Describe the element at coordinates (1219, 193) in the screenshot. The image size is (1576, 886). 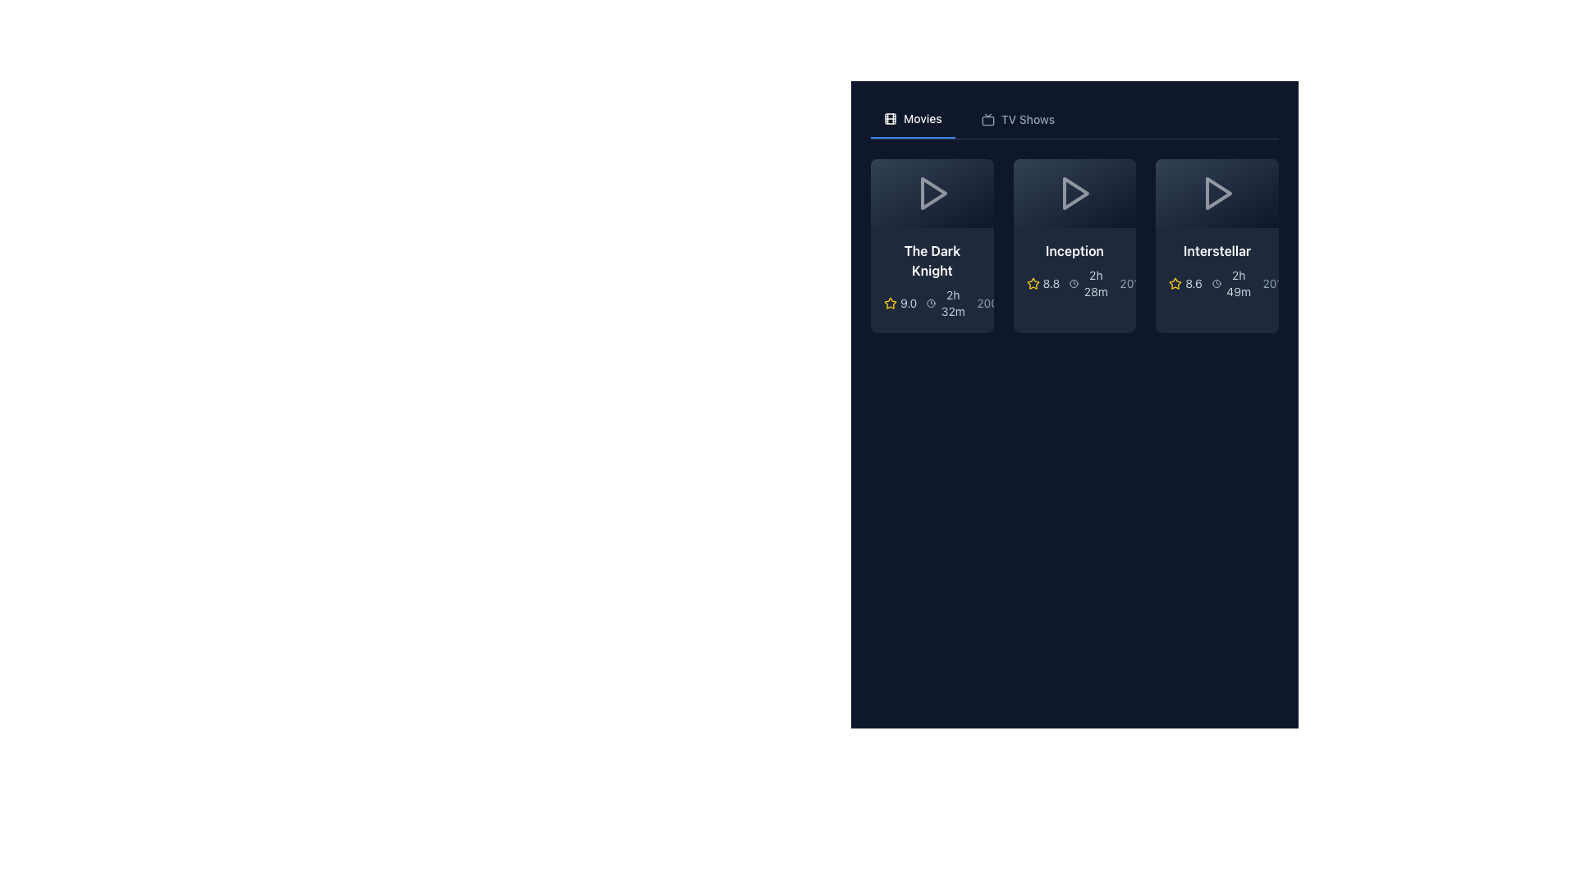
I see `the play button icon located on the movie card labeled 'Interstellar', which is the third card in the row` at that location.